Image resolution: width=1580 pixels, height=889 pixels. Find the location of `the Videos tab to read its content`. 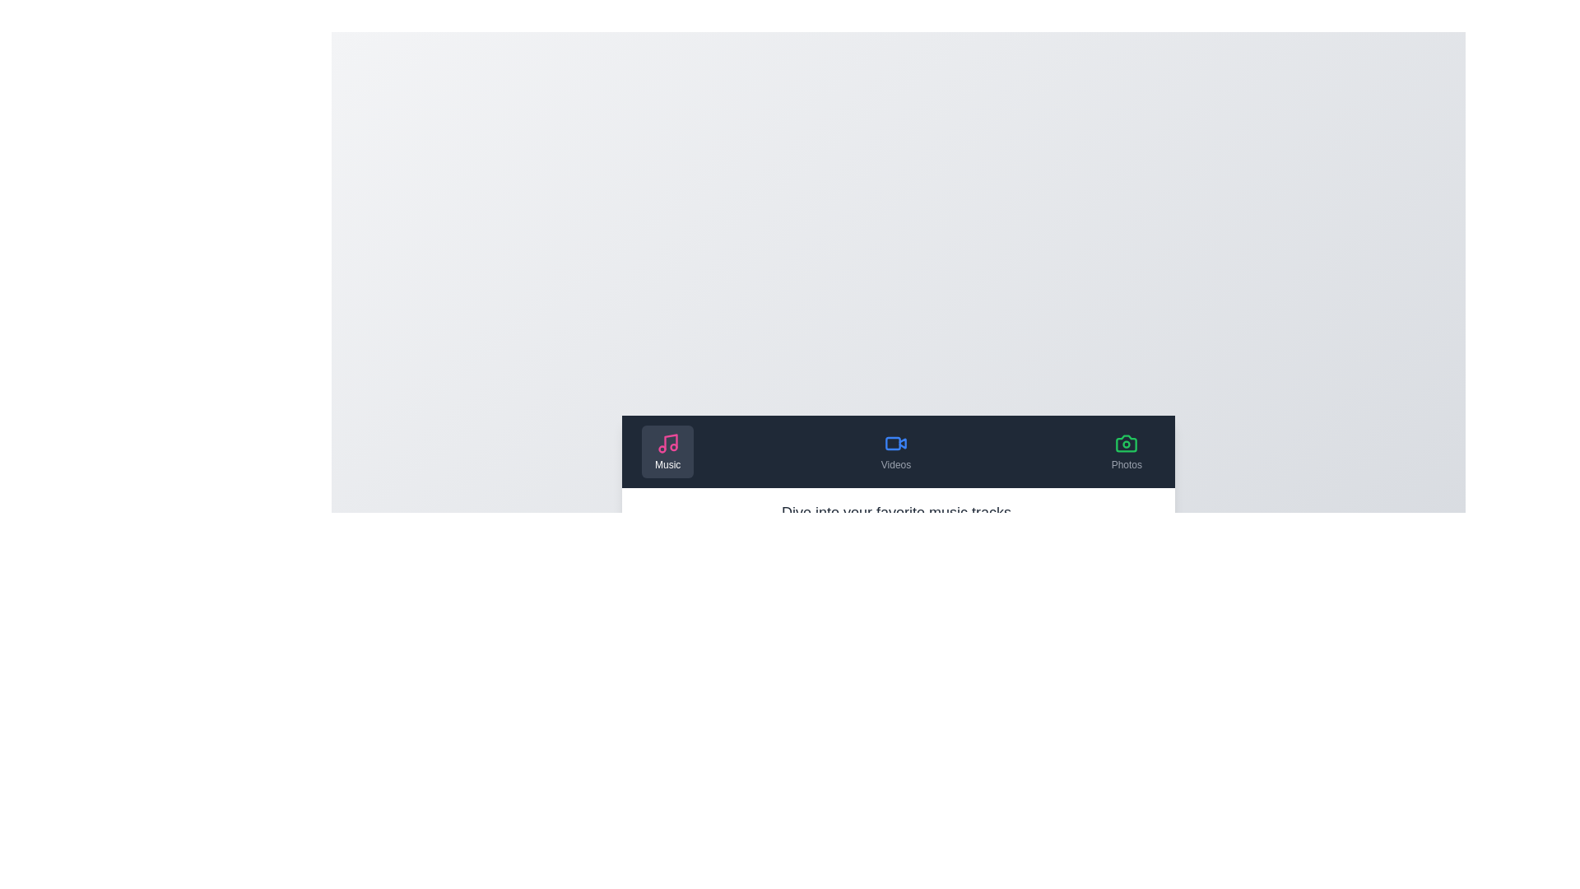

the Videos tab to read its content is located at coordinates (895, 451).